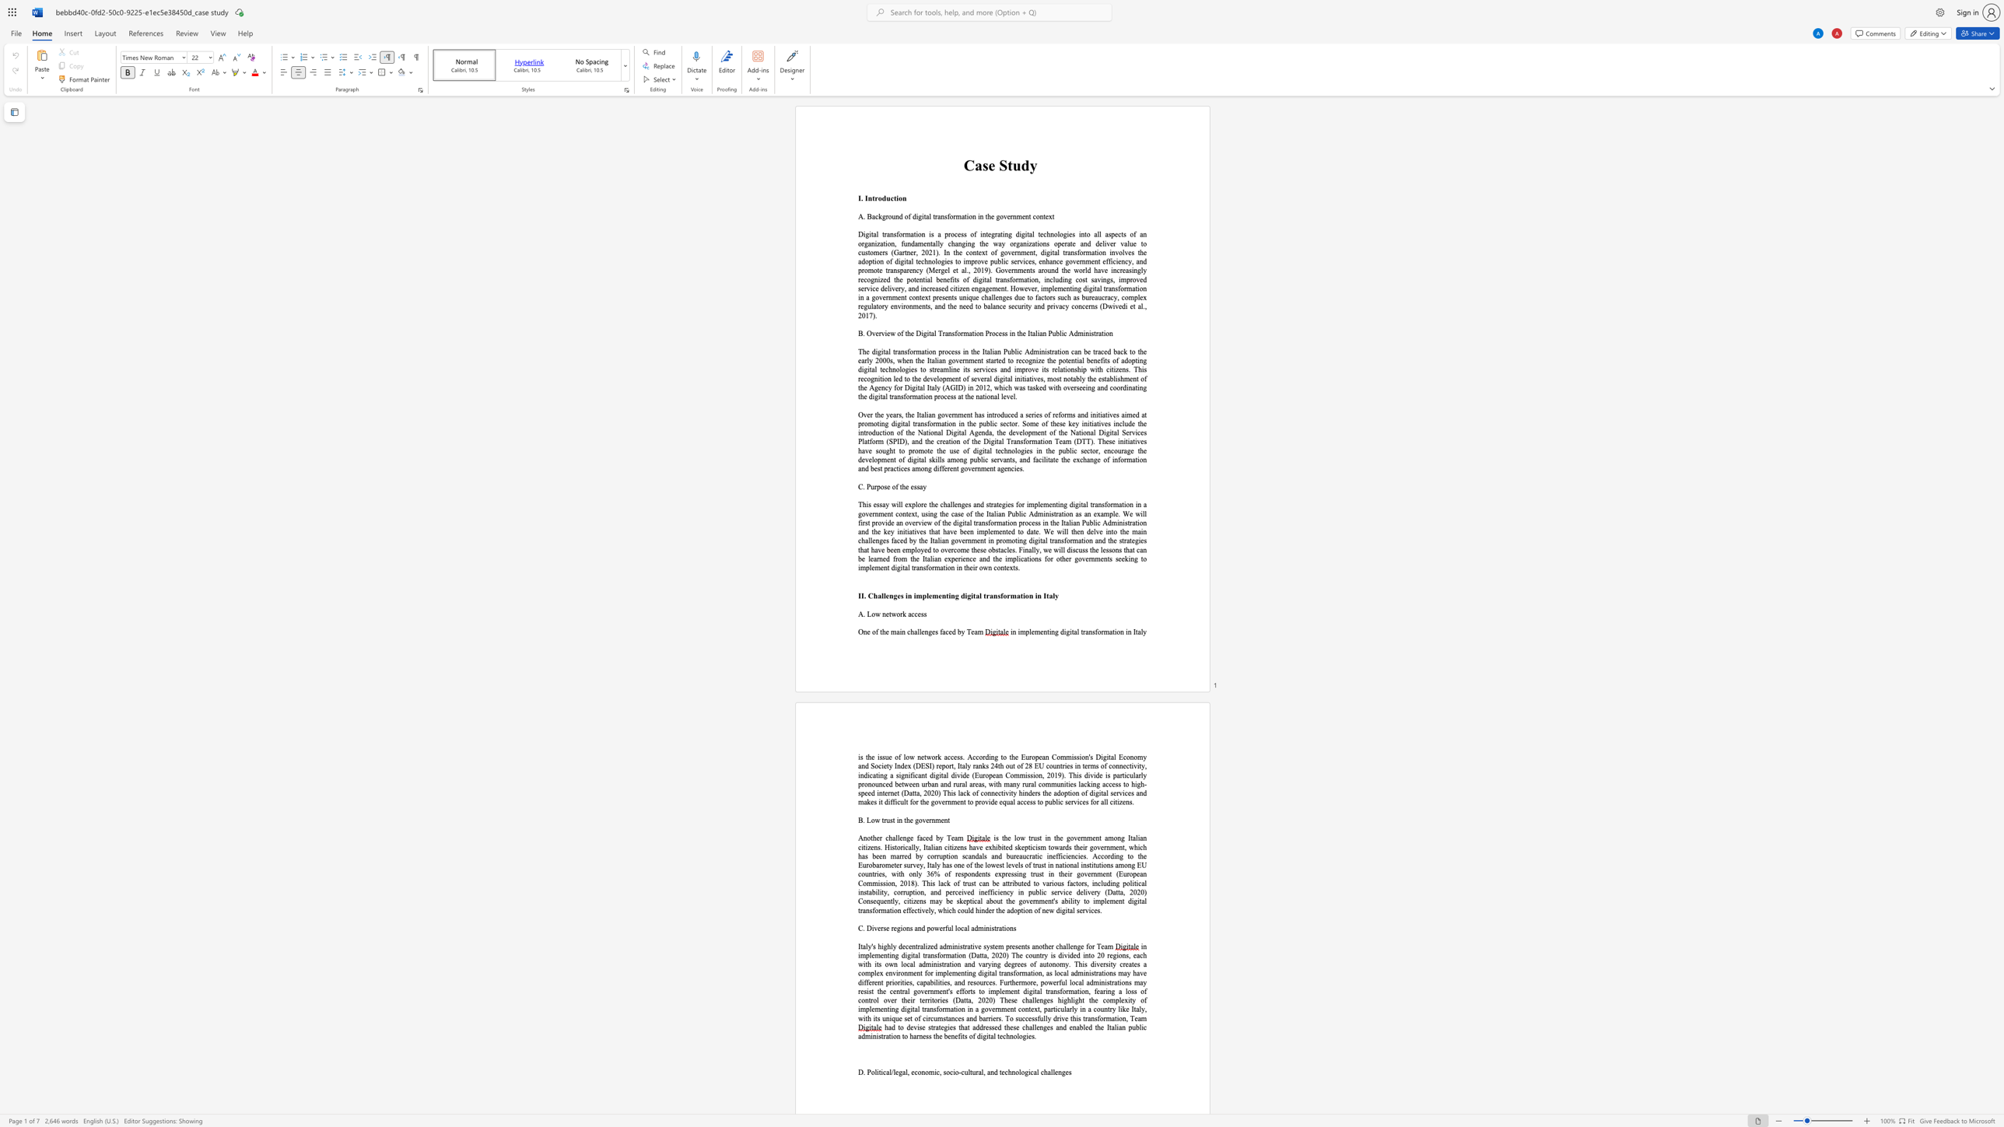  I want to click on the subset text "y, complex regulatory e" within the text "sformation, including cost savings, improved service delivery, and increased citizen engagement. However, implementing digital transformation in a government context presents unique challenges due to factors such as bureaucracy, complex regulatory environments, and the need to balance security and privacy concerns (Dwivedi et al., 2017).", so click(1113, 296).